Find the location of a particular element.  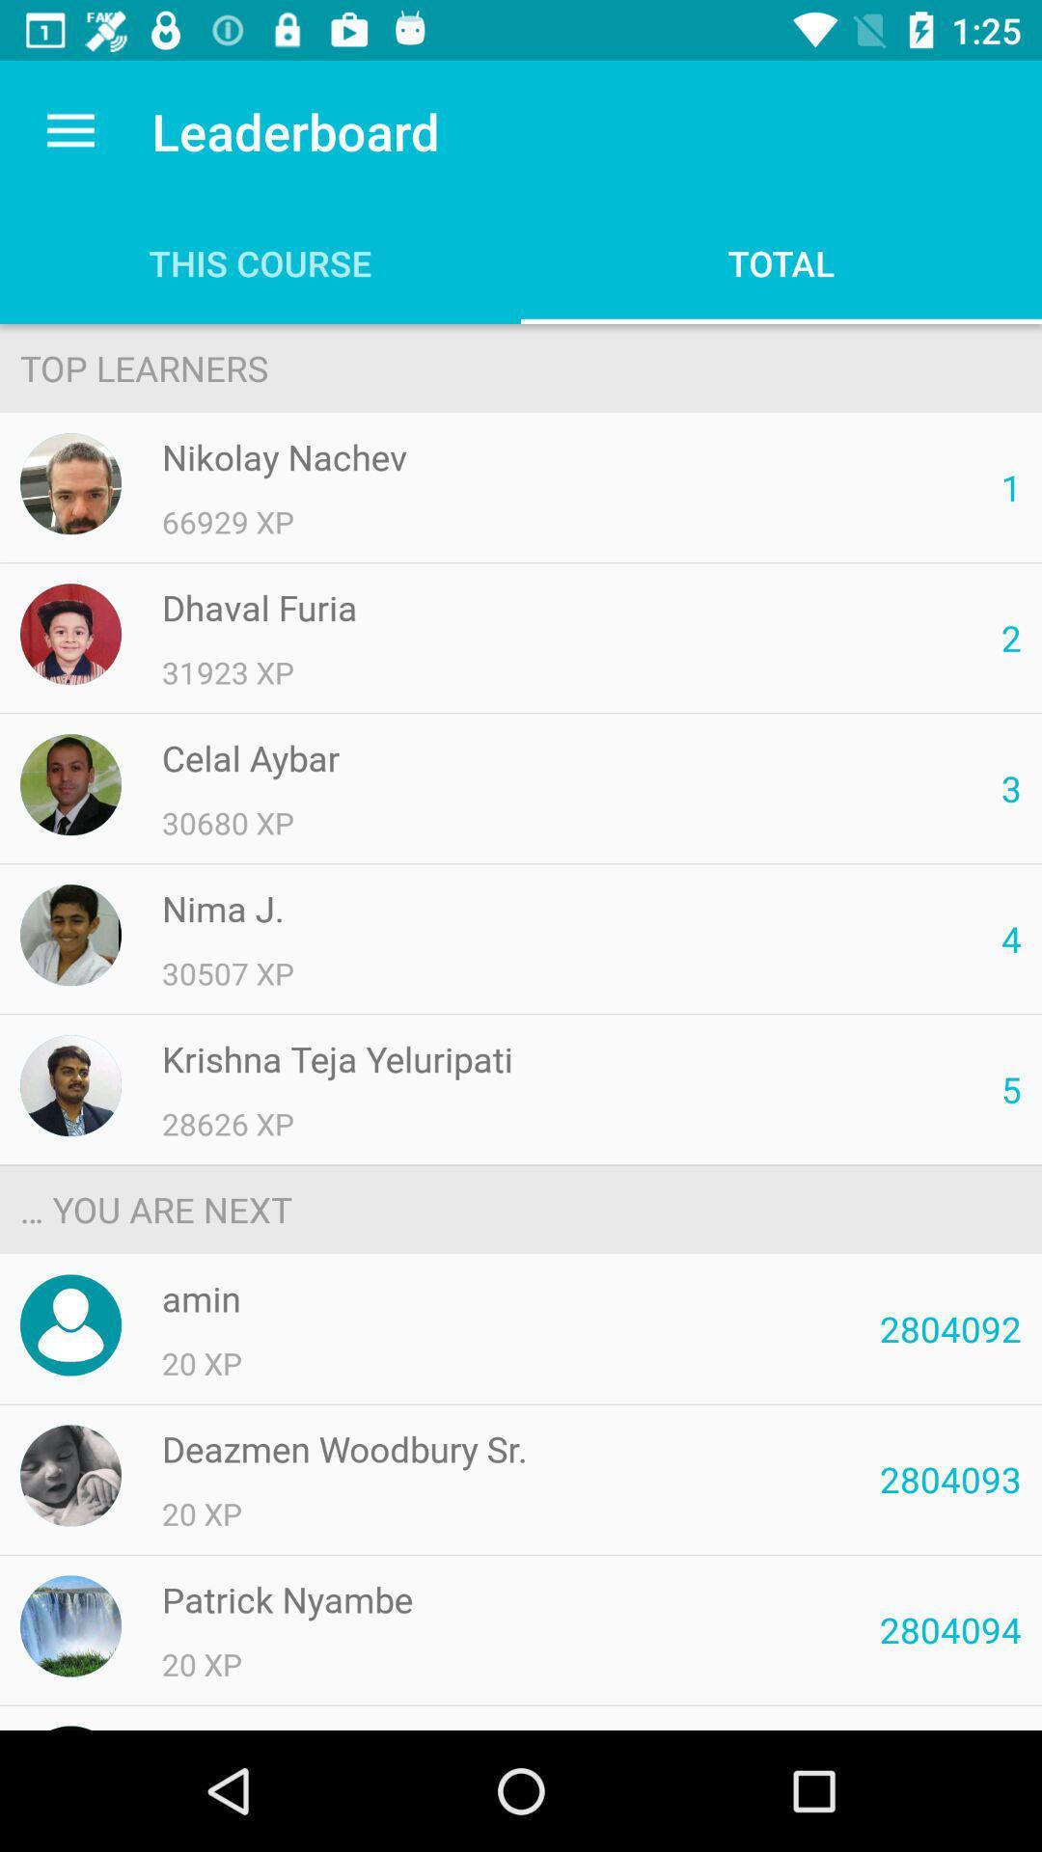

the third image below title top learners is located at coordinates (69, 784).